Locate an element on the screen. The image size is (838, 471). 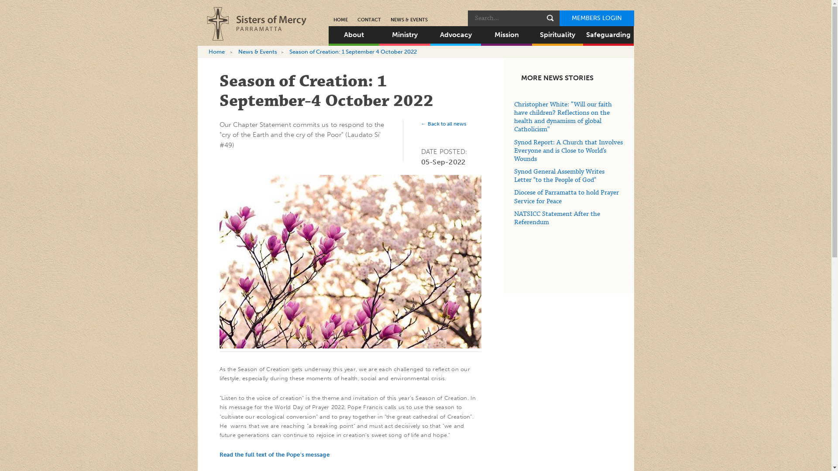
'Read the full text of the Pope's message' is located at coordinates (274, 454).